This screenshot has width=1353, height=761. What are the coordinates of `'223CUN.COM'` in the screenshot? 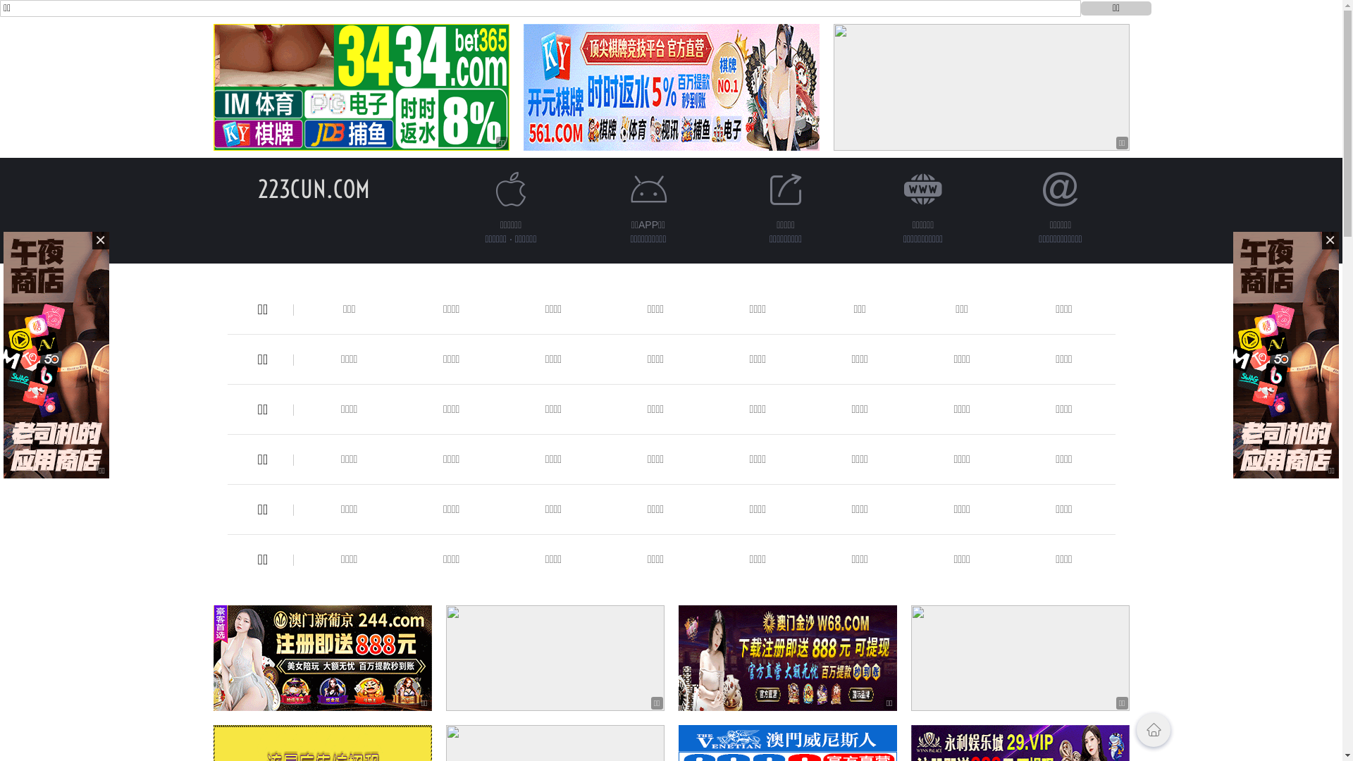 It's located at (313, 188).